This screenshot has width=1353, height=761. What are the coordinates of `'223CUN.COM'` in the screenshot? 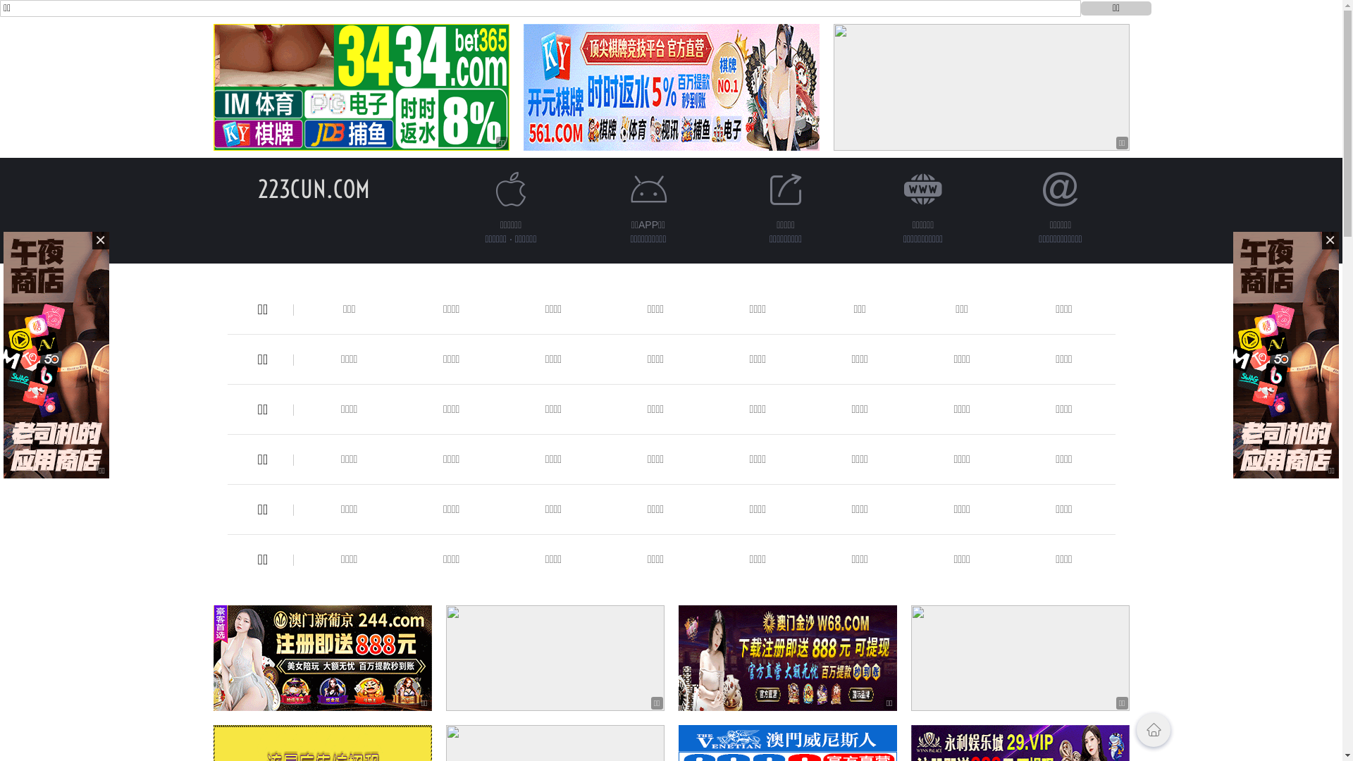 It's located at (313, 188).